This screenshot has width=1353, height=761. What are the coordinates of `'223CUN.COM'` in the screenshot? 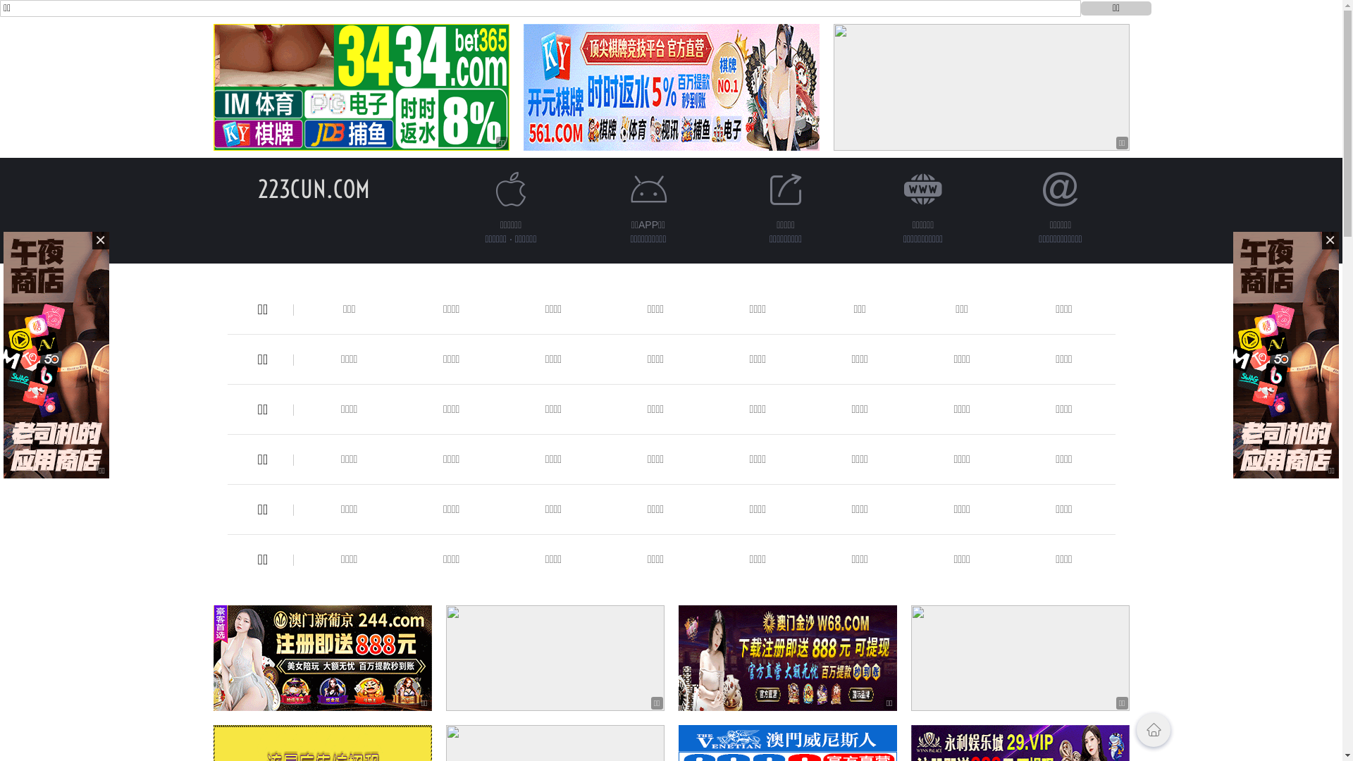 It's located at (313, 188).